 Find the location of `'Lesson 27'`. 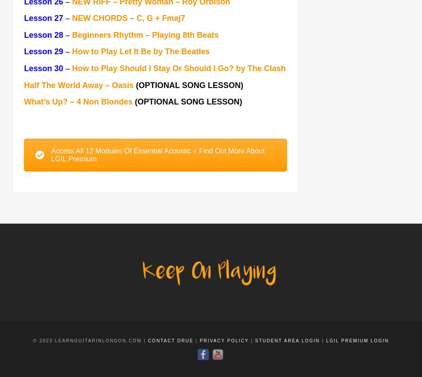

'Lesson 27' is located at coordinates (44, 18).